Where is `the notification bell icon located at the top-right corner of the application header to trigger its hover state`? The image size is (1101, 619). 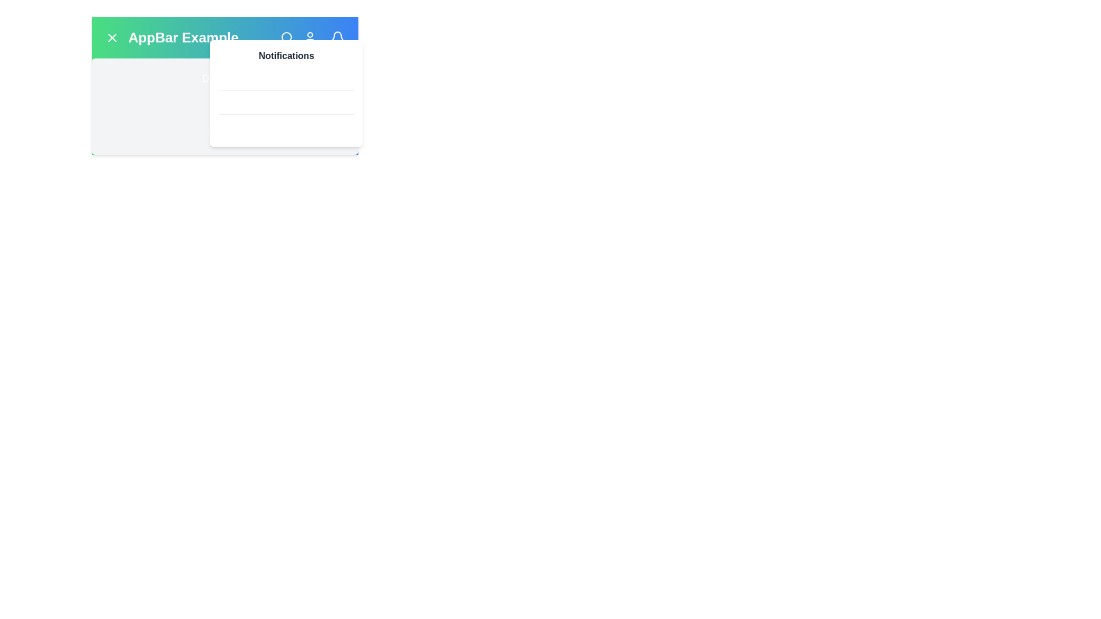
the notification bell icon located at the top-right corner of the application header to trigger its hover state is located at coordinates (337, 37).